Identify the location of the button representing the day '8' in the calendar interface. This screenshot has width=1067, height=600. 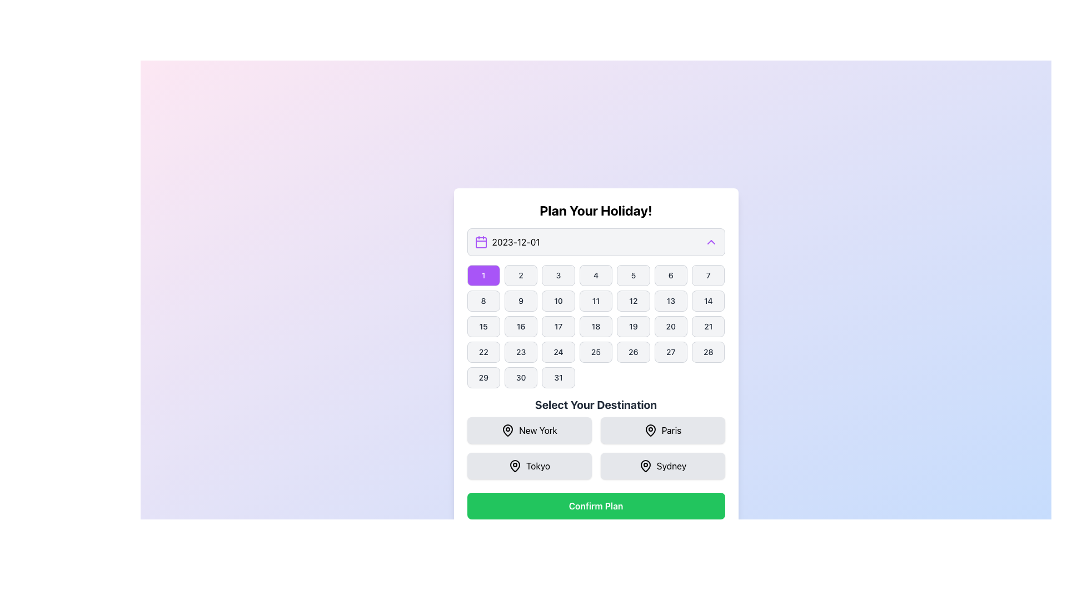
(483, 301).